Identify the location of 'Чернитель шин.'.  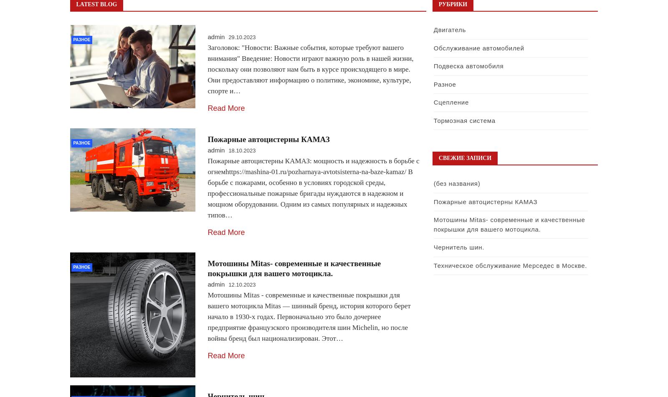
(459, 247).